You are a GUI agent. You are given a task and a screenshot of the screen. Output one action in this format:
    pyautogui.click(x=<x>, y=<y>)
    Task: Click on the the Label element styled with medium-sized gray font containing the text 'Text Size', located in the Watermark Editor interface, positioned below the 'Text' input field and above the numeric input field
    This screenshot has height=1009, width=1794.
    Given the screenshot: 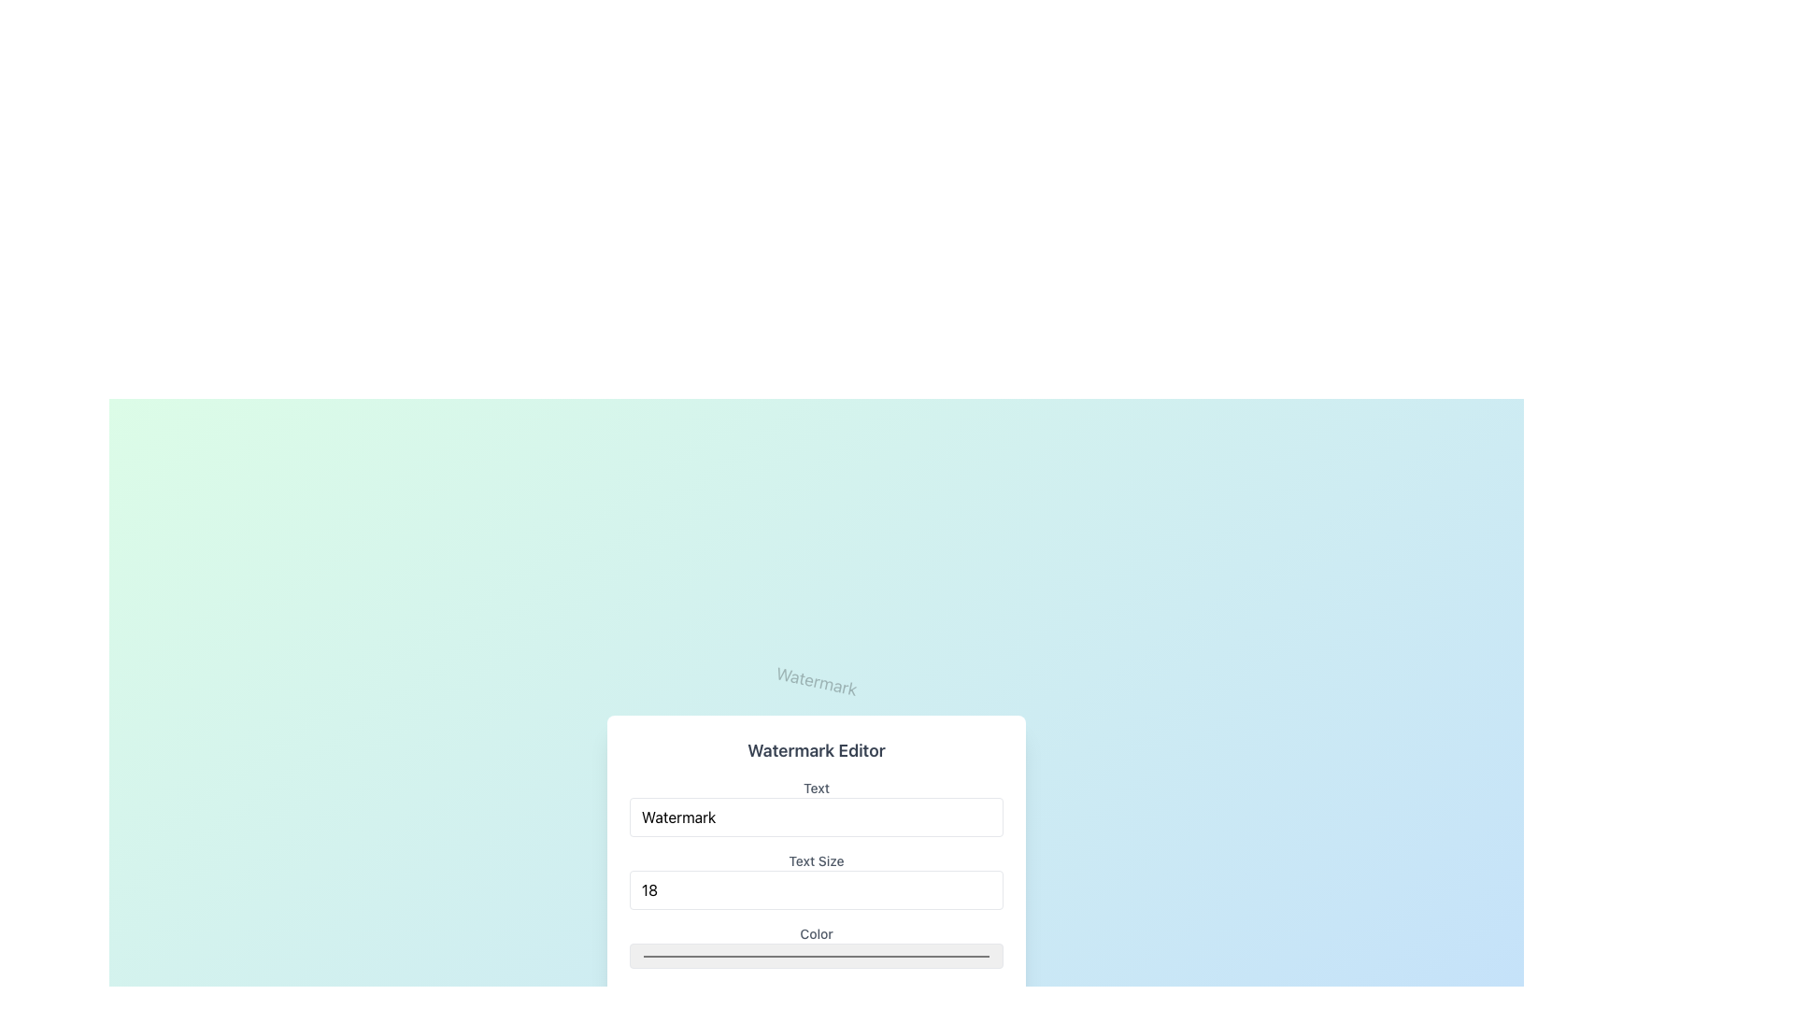 What is the action you would take?
    pyautogui.click(x=816, y=860)
    